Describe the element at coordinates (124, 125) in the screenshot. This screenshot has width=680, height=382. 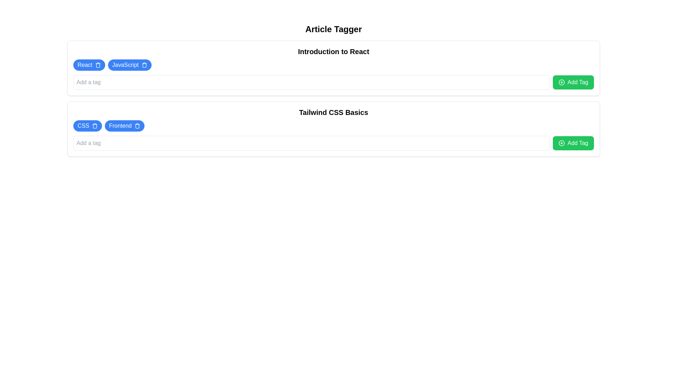
I see `the trash icon on the 'Frontend' tag` at that location.